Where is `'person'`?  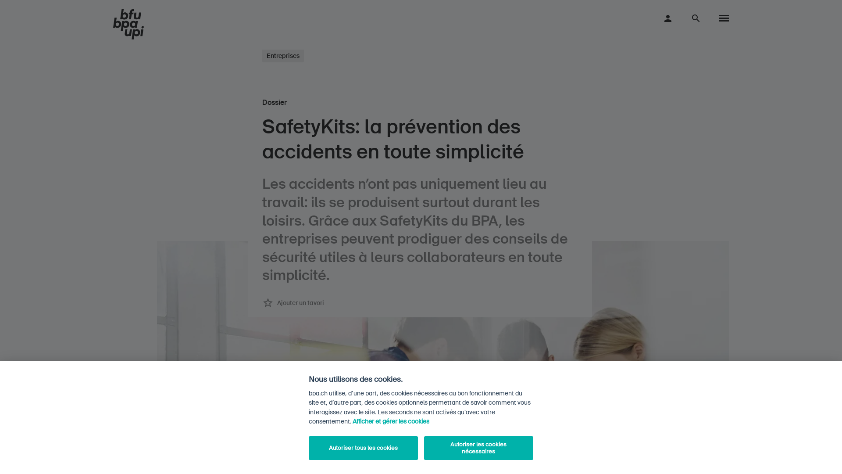 'person' is located at coordinates (663, 18).